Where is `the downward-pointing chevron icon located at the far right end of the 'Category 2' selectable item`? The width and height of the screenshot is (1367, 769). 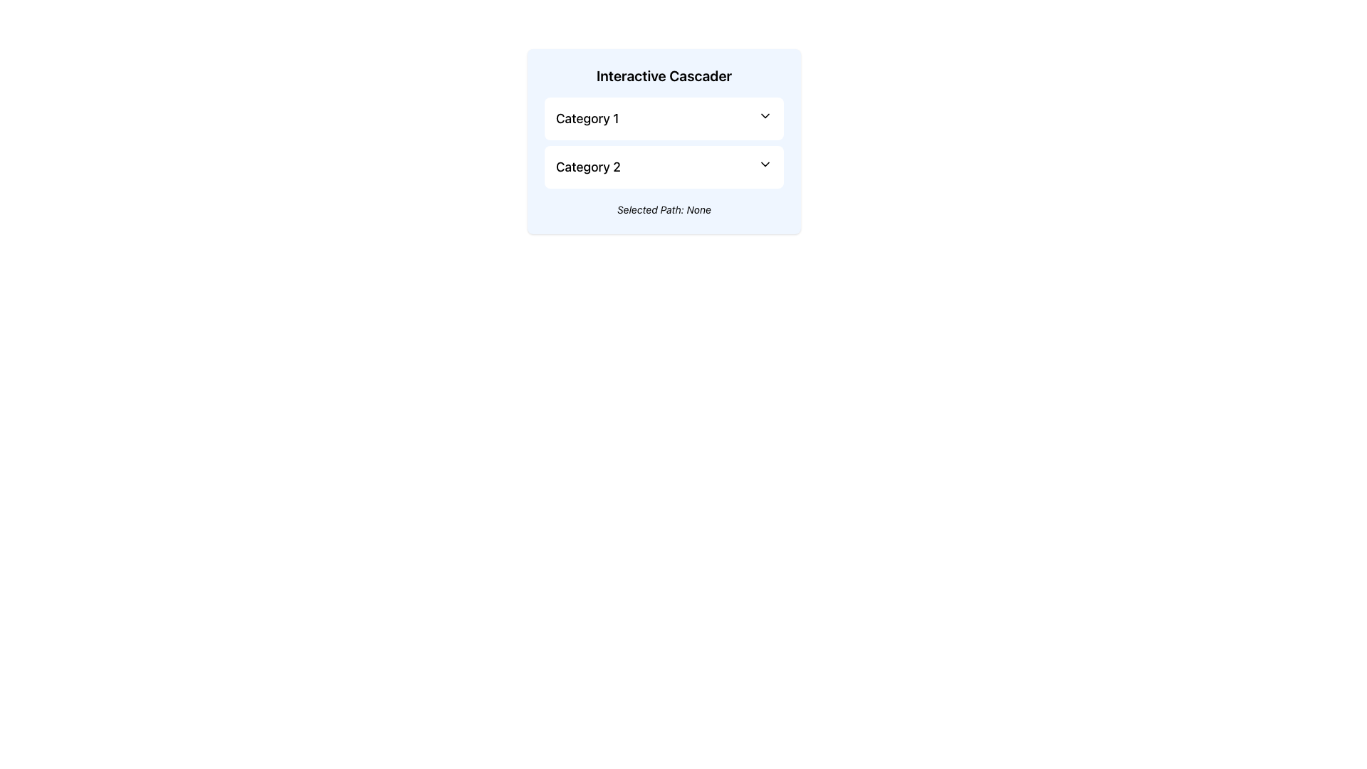 the downward-pointing chevron icon located at the far right end of the 'Category 2' selectable item is located at coordinates (765, 164).